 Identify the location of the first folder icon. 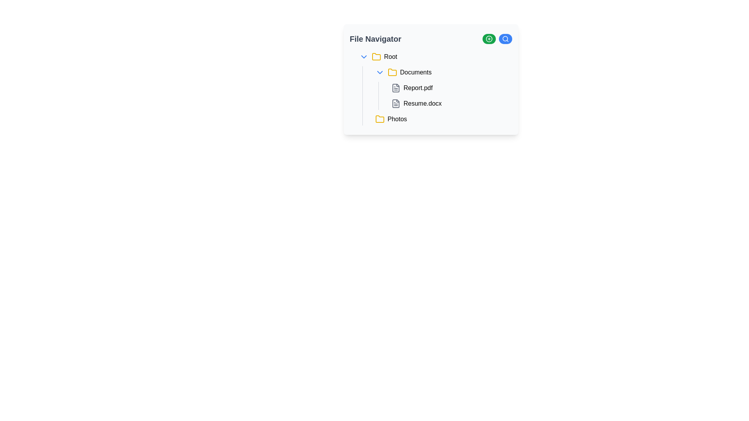
(376, 56).